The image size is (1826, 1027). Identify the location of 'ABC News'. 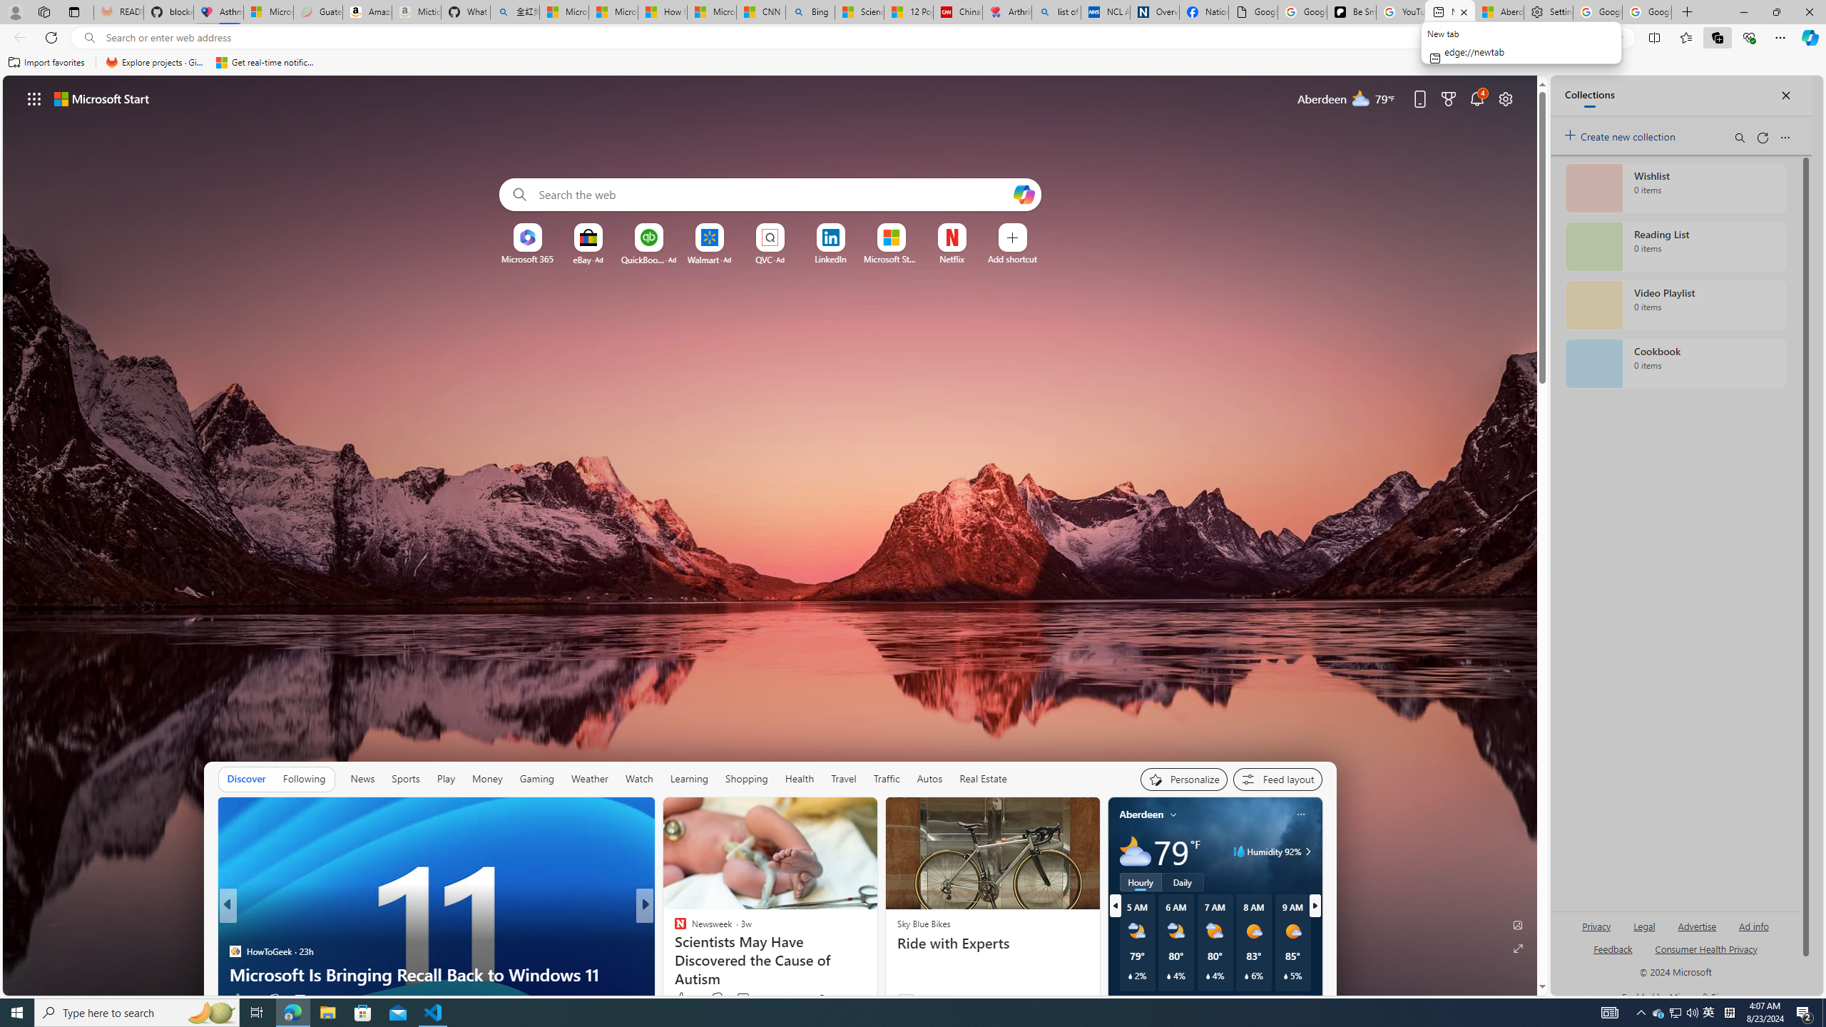
(674, 929).